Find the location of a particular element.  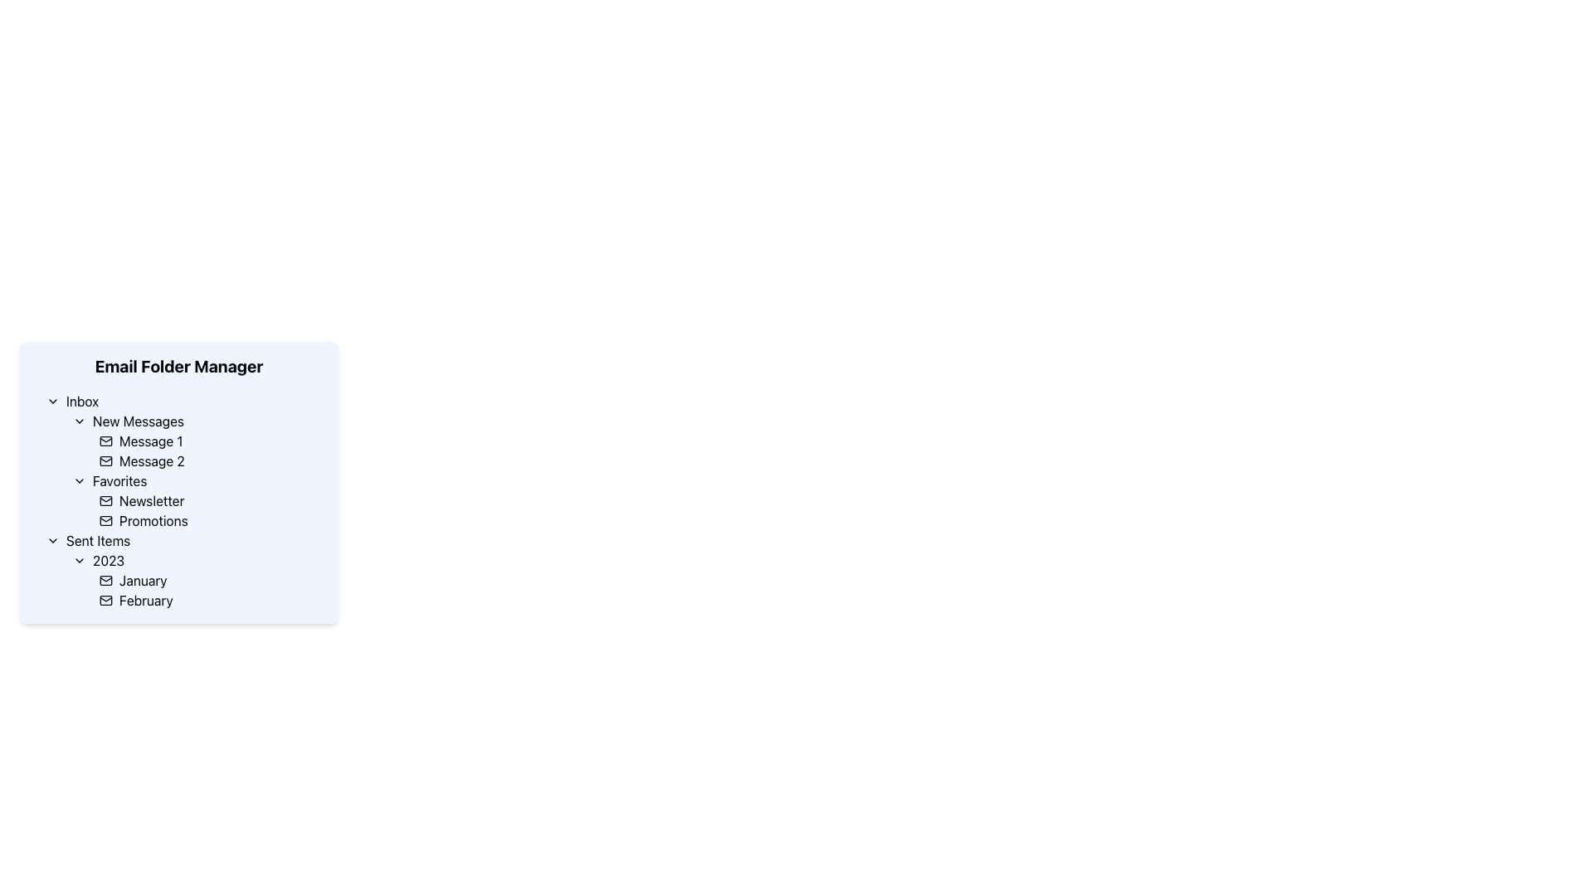

to select the email message labeled 'Message 2' which is the second item under 'New Messages' in the 'Inbox' section is located at coordinates (211, 460).